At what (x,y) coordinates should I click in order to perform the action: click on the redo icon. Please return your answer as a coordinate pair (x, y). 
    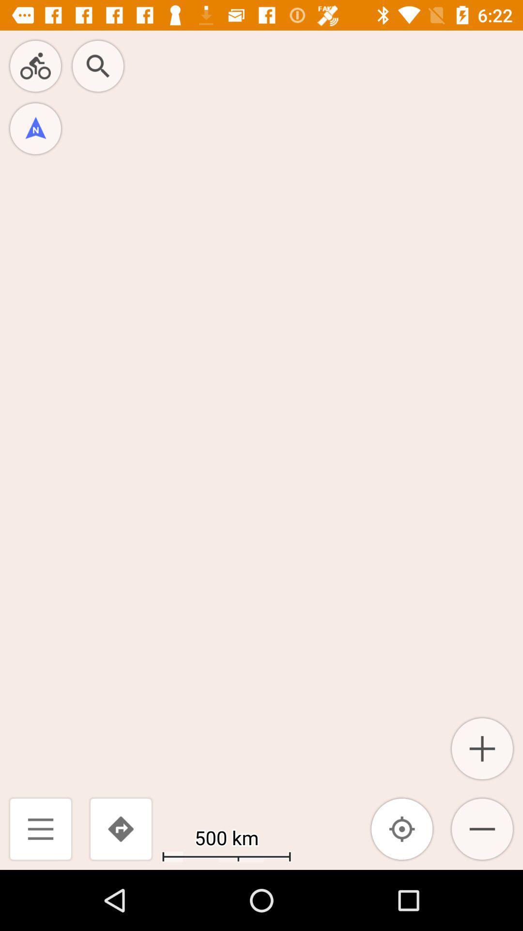
    Looking at the image, I should click on (120, 828).